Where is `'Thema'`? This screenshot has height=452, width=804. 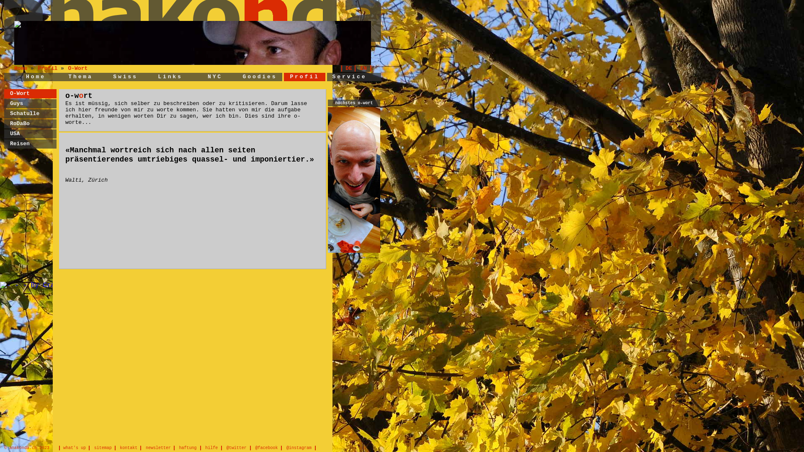 'Thema' is located at coordinates (80, 77).